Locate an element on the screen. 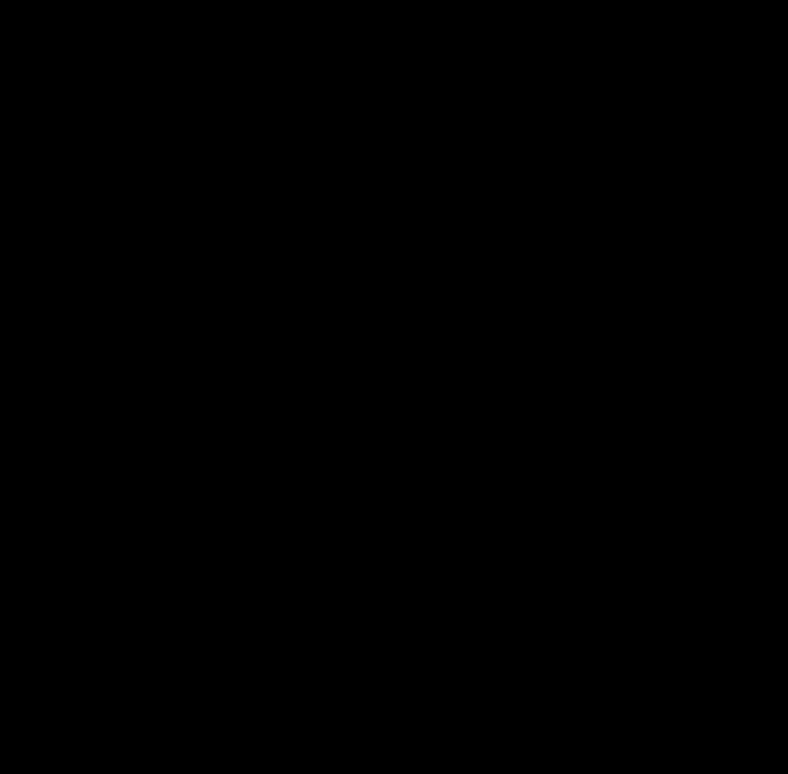 The width and height of the screenshot is (788, 774). '"Schetky is extremely happy working with these savvy marketers, and have seen real results! We highly recommend their services to anyone looking to see a return on their marketing dollars!"' is located at coordinates (413, 42).